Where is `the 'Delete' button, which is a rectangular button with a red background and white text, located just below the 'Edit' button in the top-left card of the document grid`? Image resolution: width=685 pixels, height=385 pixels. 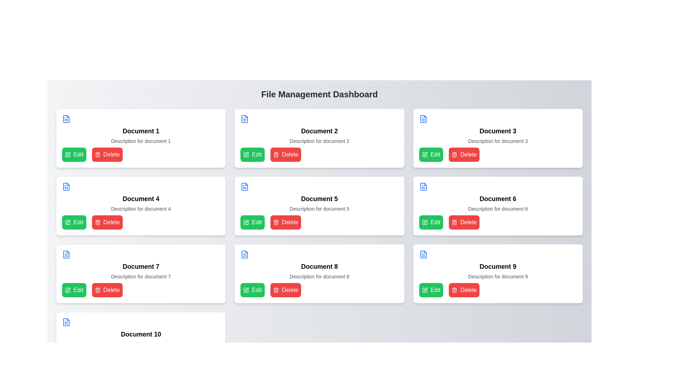 the 'Delete' button, which is a rectangular button with a red background and white text, located just below the 'Edit' button in the top-left card of the document grid is located at coordinates (107, 154).